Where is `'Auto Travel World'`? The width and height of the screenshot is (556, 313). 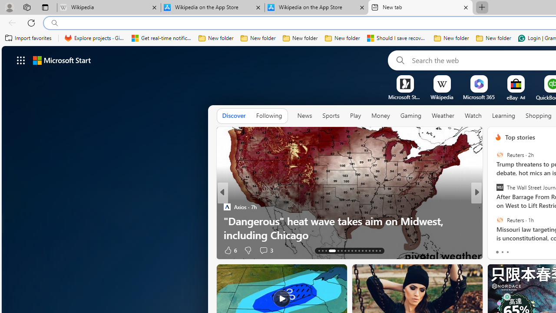
'Auto Travel World' is located at coordinates (494, 206).